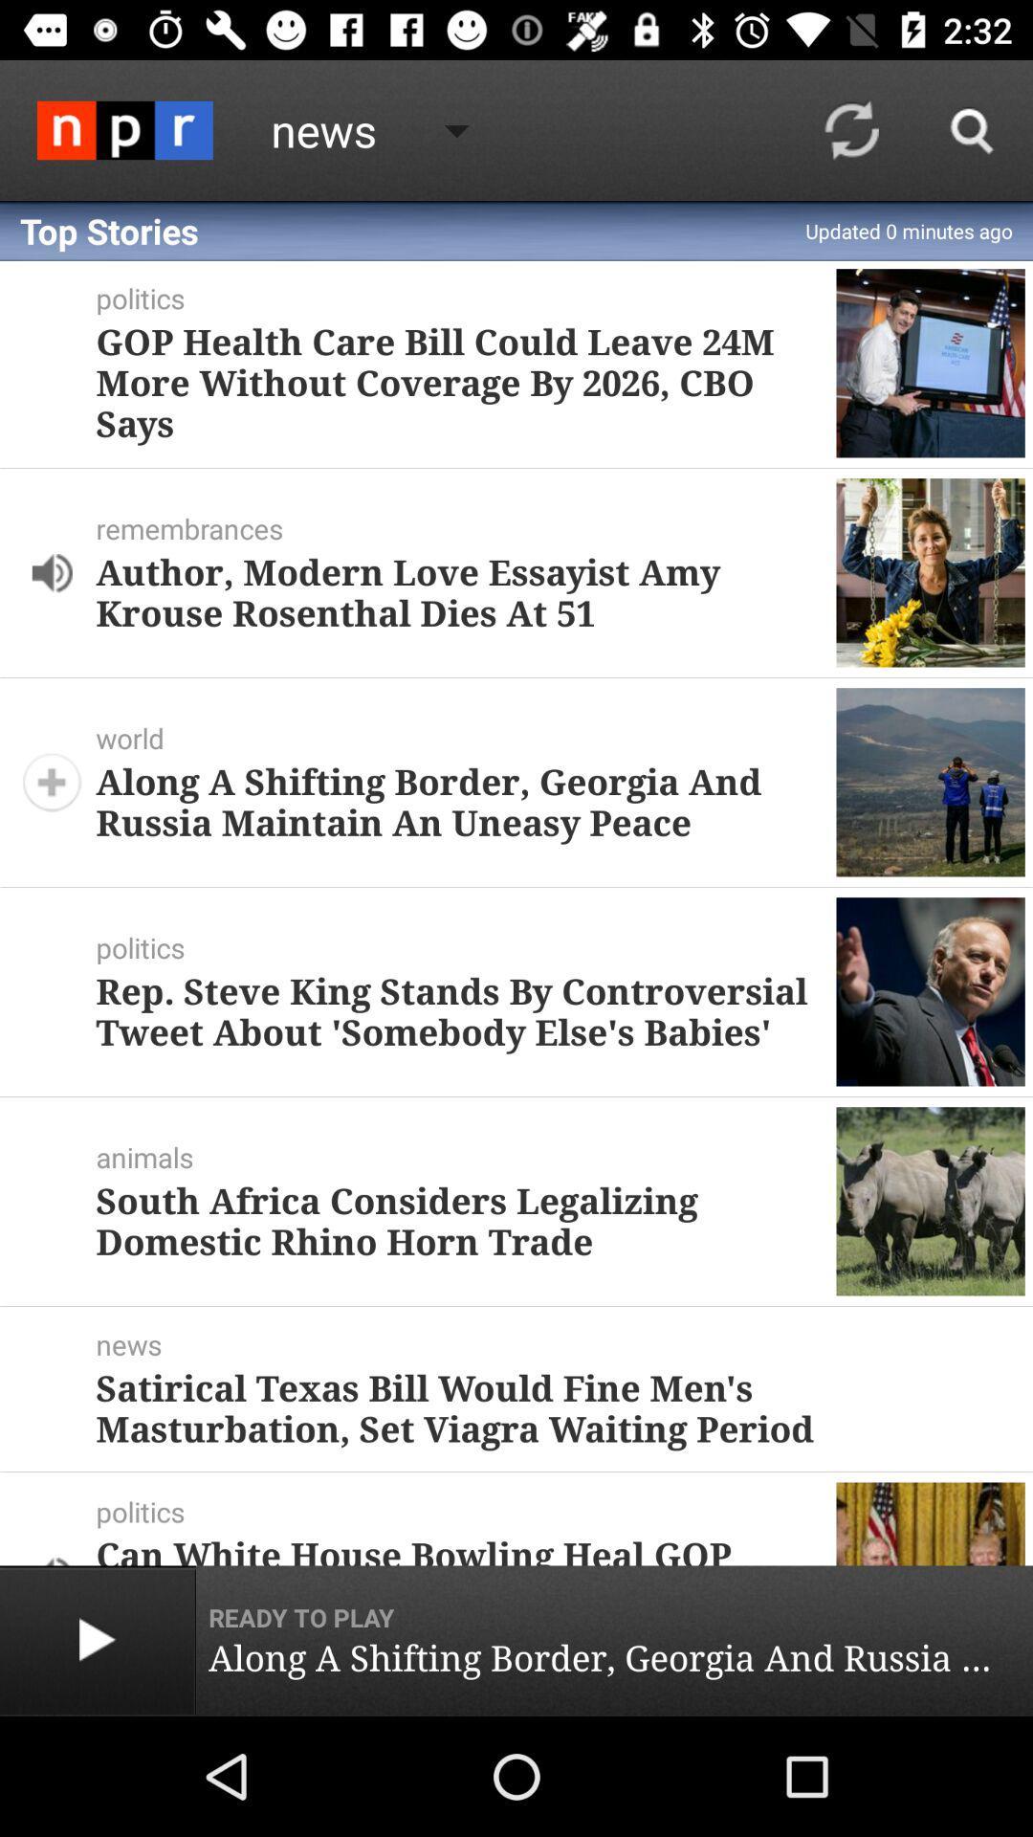 The width and height of the screenshot is (1033, 1837). I want to click on the icon next to the news icon, so click(124, 129).